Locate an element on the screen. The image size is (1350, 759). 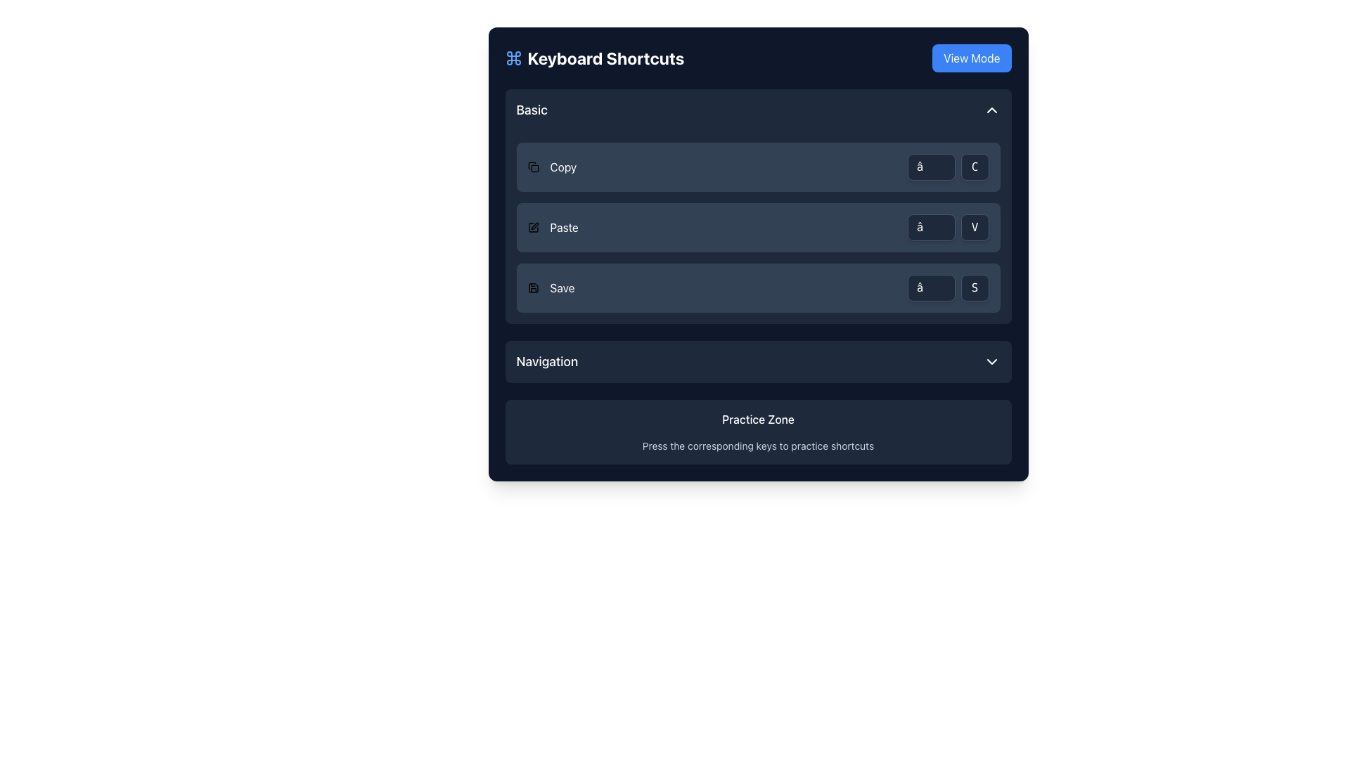
the 'Save' button, which displays white text and a floppy disk icon, located under the 'Basic' section of the 'Keyboard Shortcuts' interface is located at coordinates (550, 287).